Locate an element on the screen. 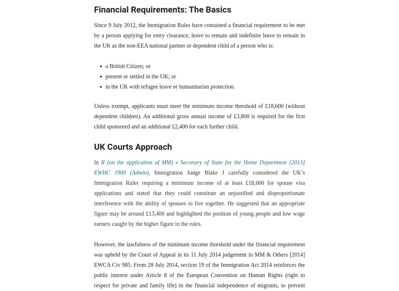  'R (on the application of MM) v Secretary of State for the Home Department [2013] EWHC 1900 (Admin)' is located at coordinates (199, 167).